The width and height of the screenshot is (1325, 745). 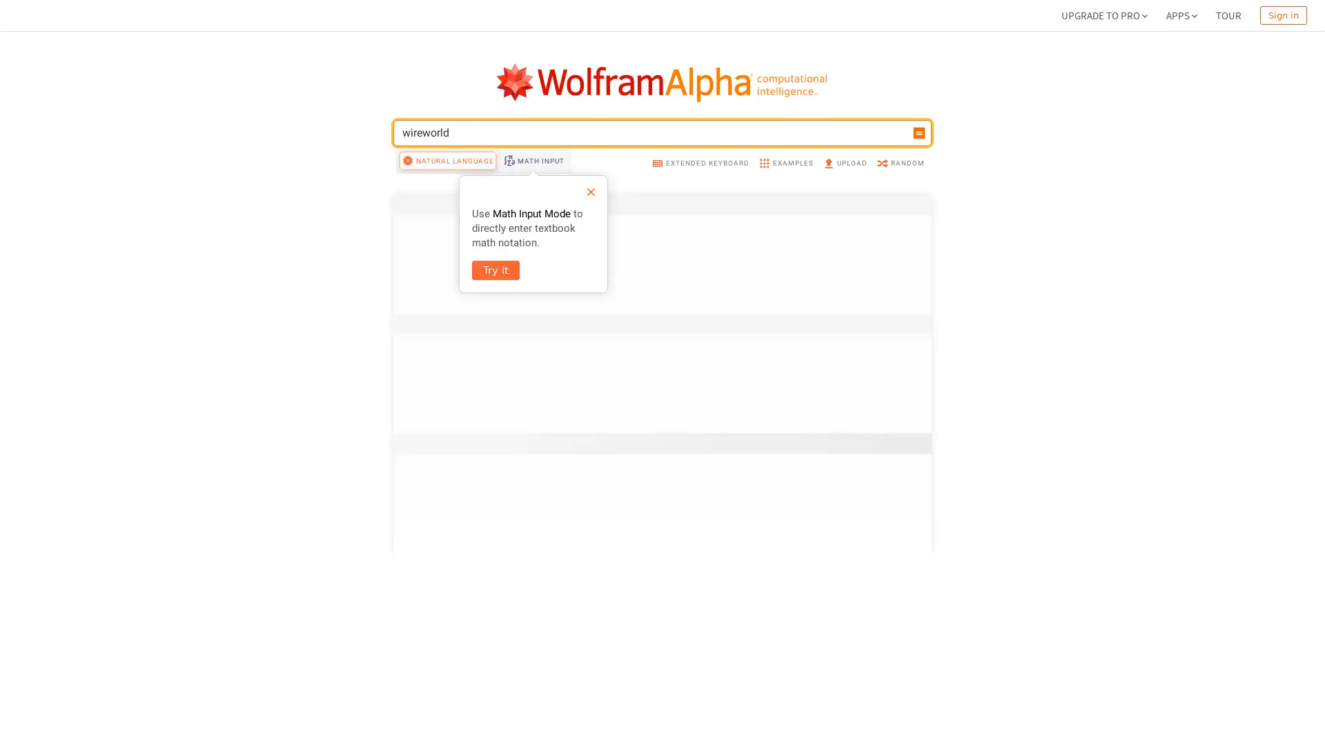 I want to click on More details, so click(x=887, y=366).